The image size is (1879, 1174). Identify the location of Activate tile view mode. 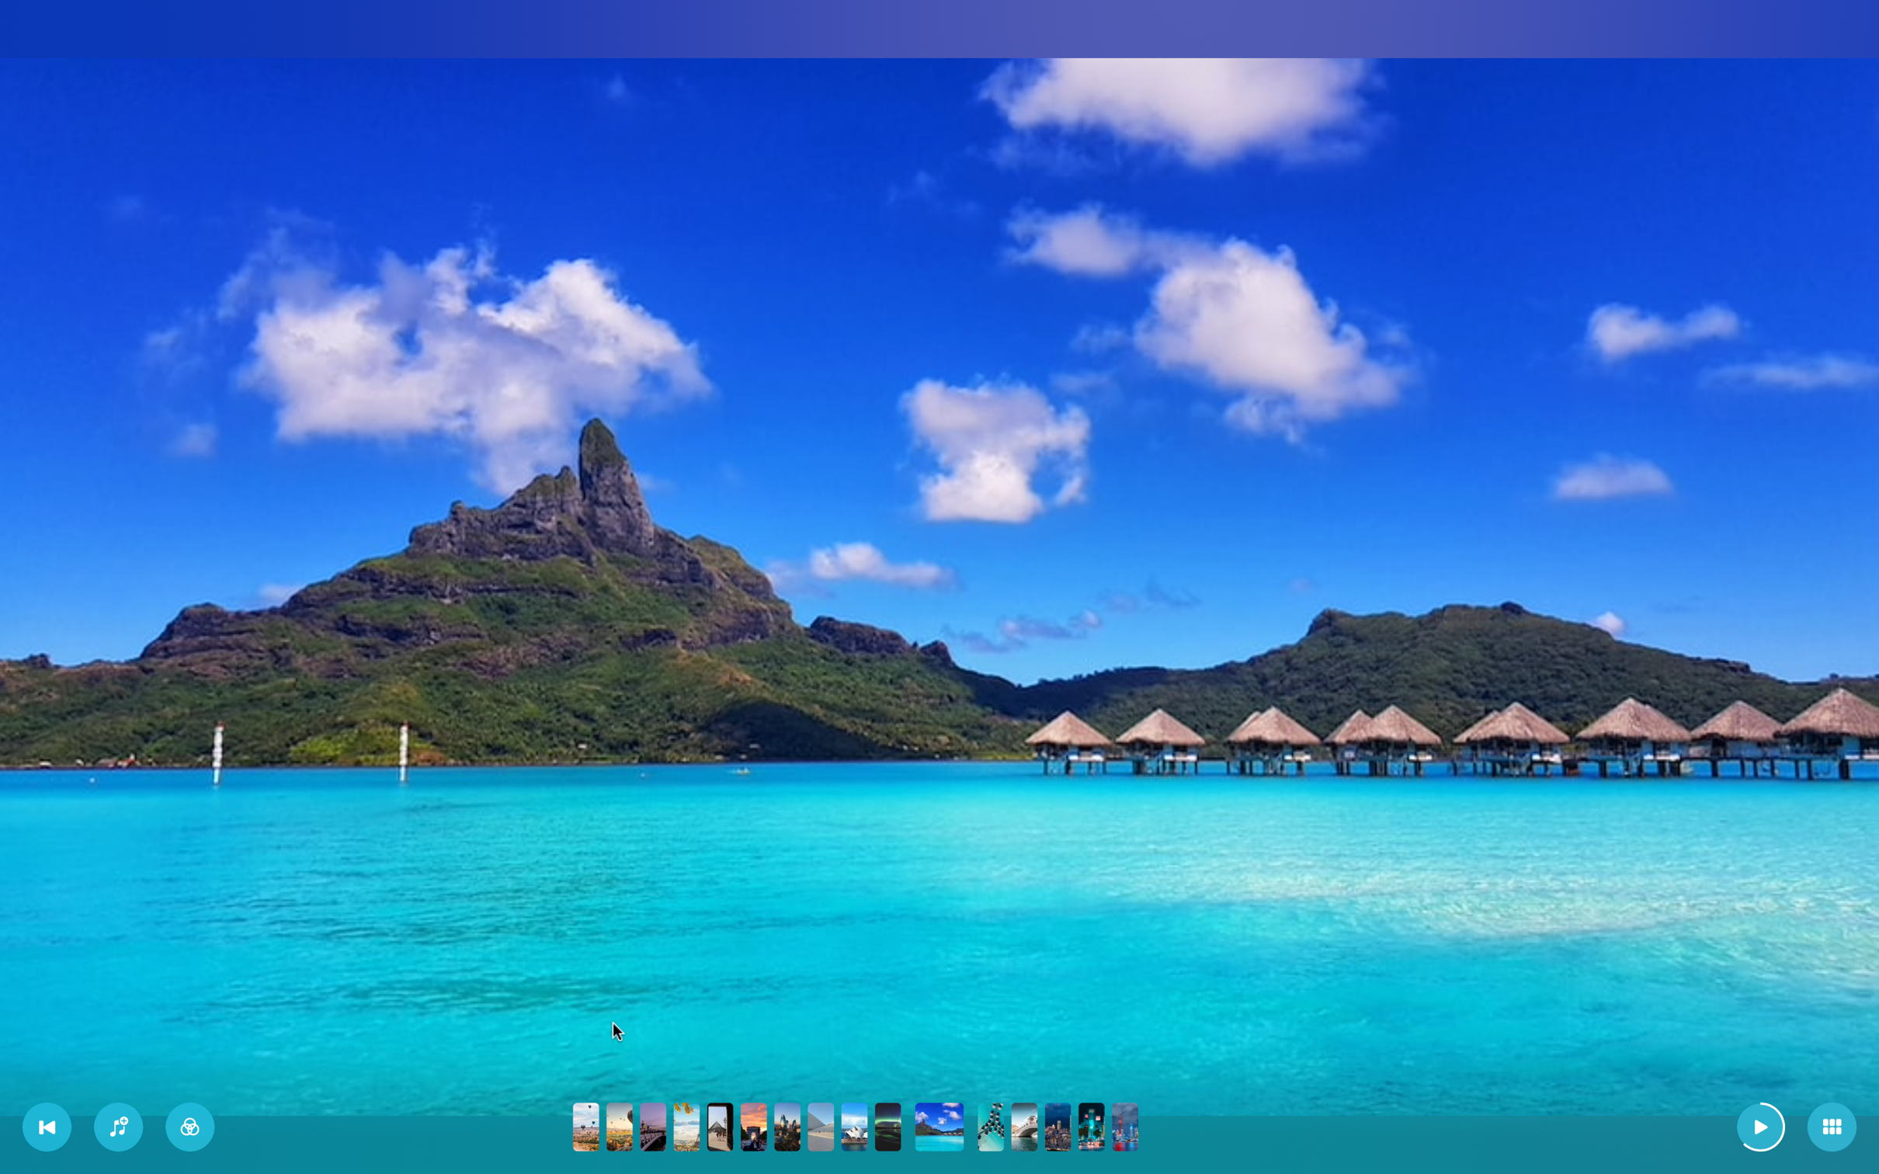
(1832, 1127).